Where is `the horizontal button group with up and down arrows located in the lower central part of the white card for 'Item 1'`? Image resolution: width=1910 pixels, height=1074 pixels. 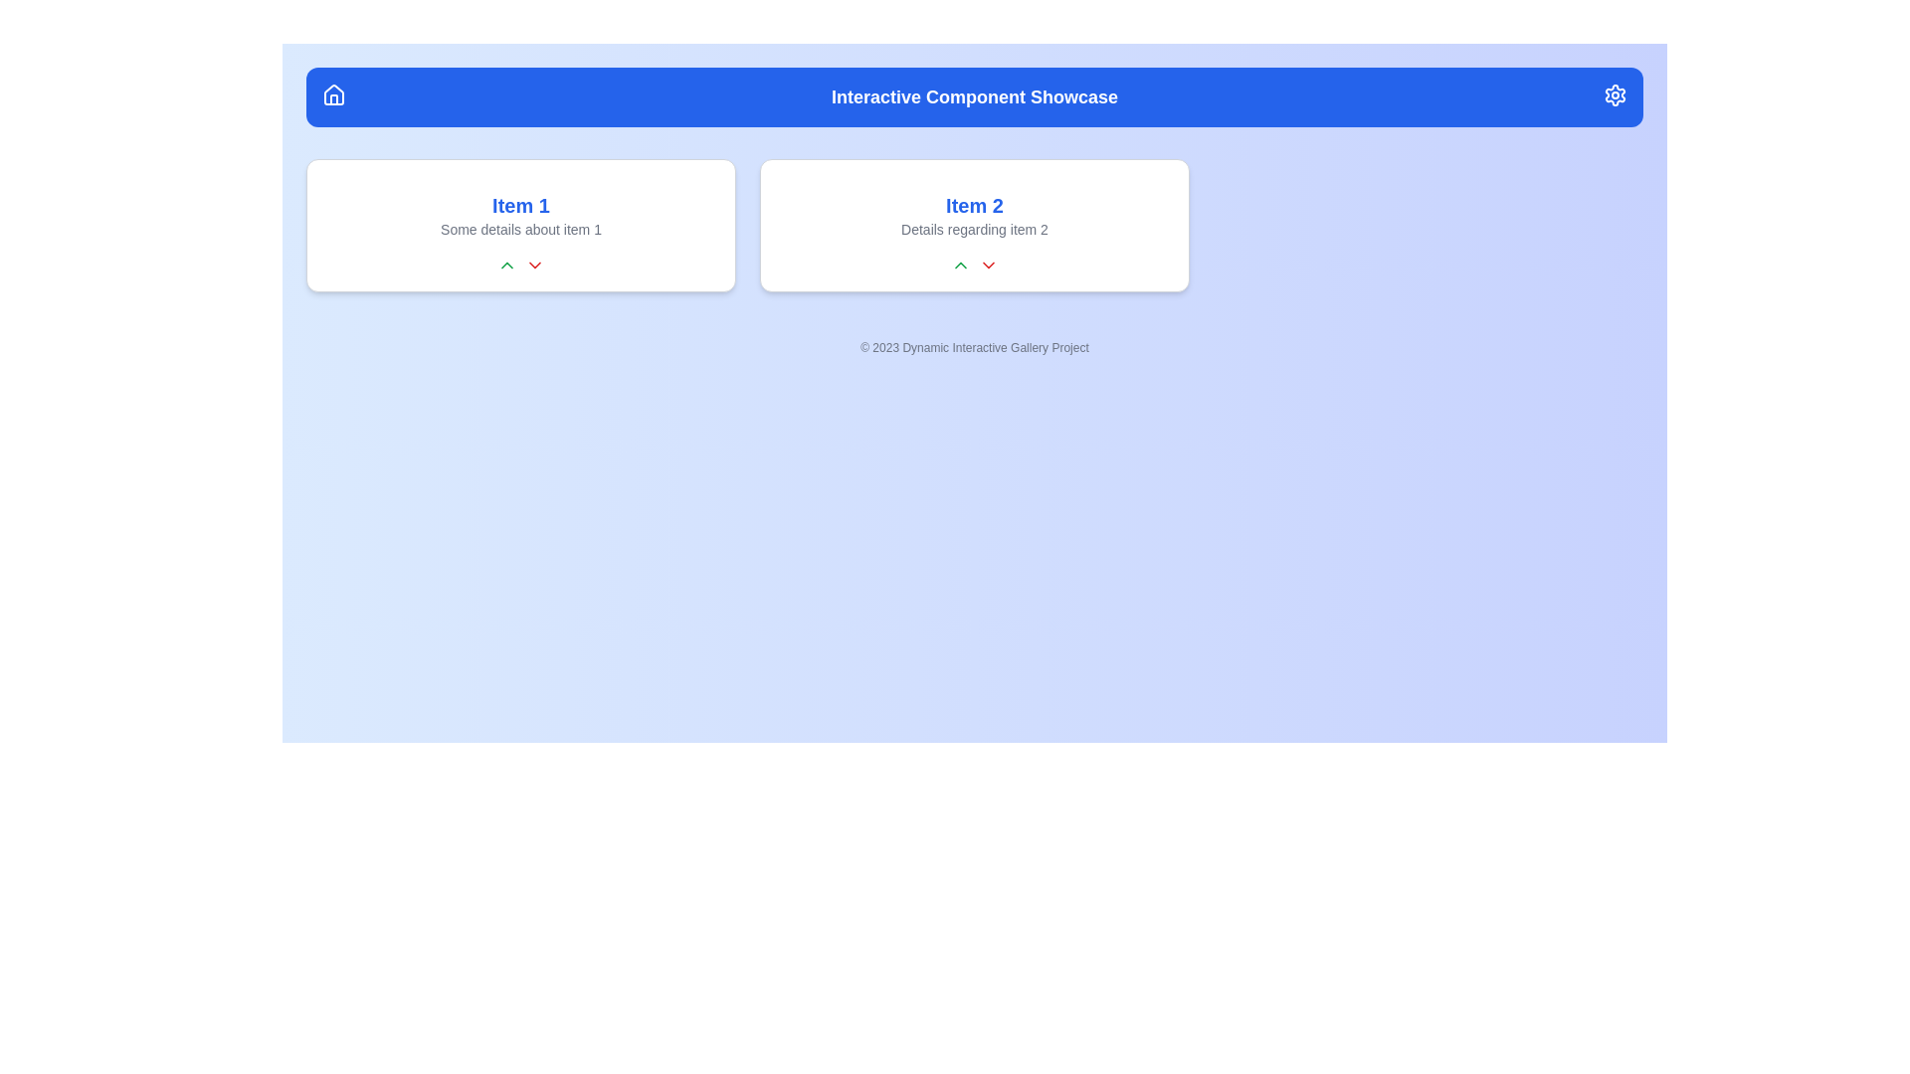 the horizontal button group with up and down arrows located in the lower central part of the white card for 'Item 1' is located at coordinates (520, 264).